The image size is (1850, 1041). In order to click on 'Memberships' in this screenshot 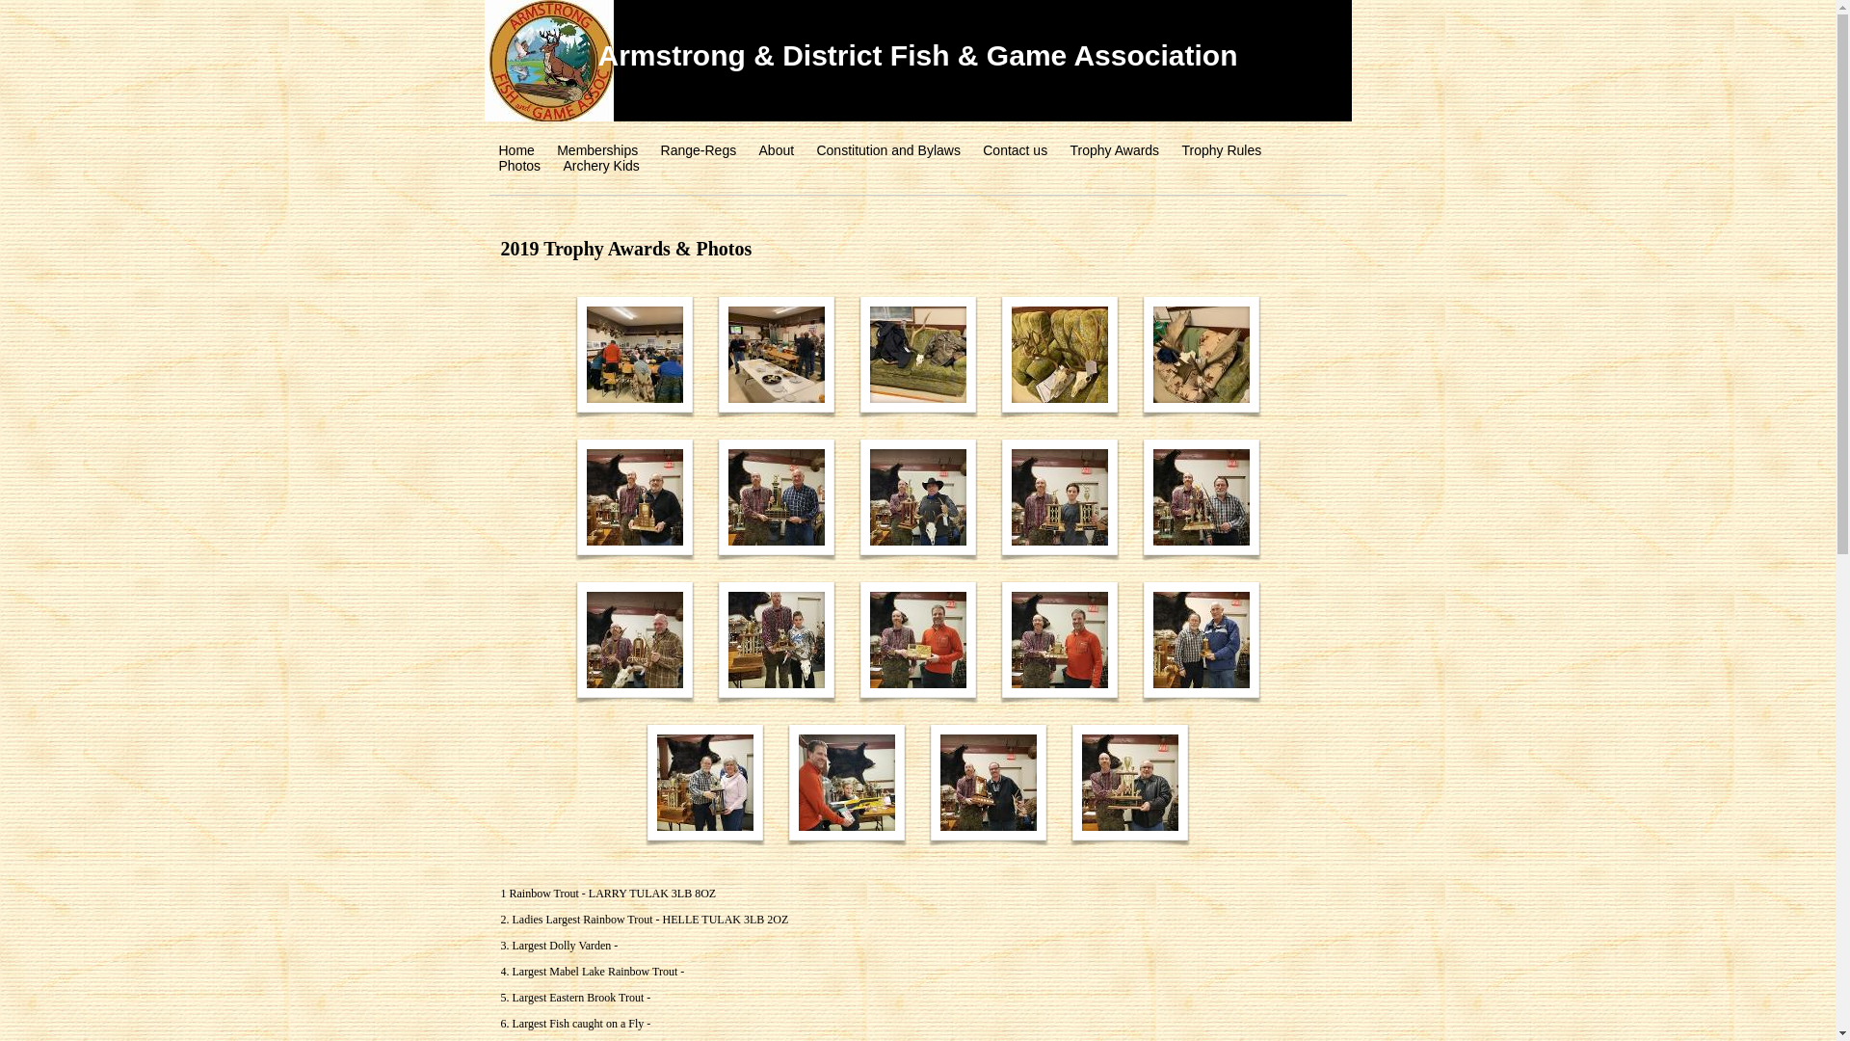, I will do `click(555, 148)`.